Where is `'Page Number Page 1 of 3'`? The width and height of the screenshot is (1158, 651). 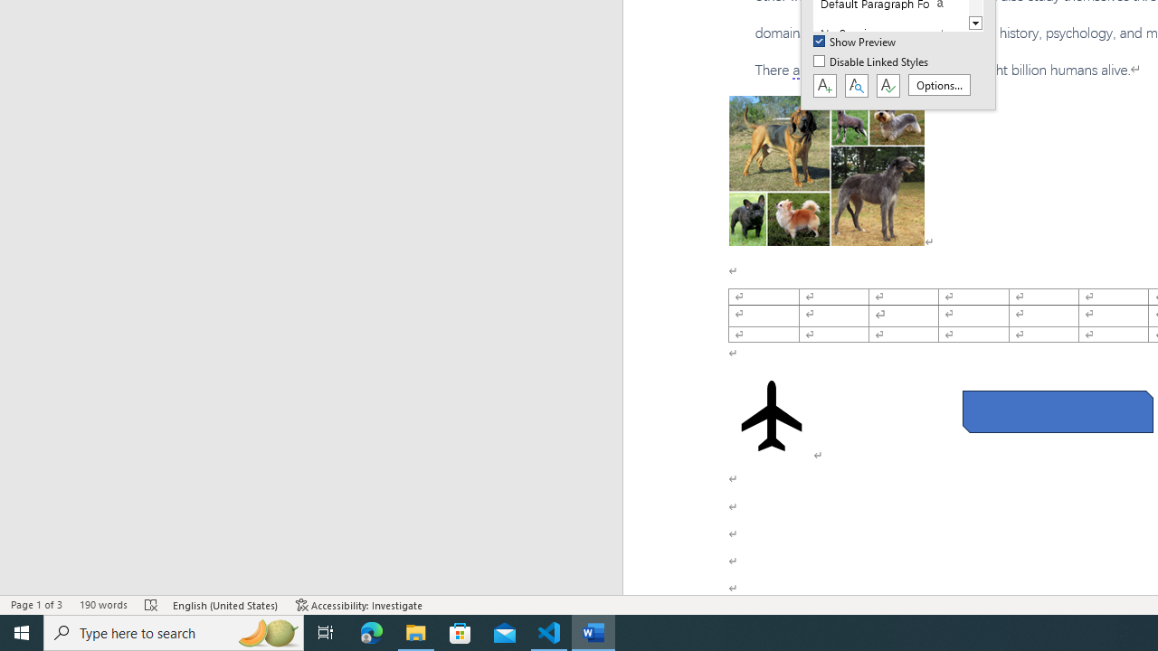 'Page Number Page 1 of 3' is located at coordinates (36, 605).